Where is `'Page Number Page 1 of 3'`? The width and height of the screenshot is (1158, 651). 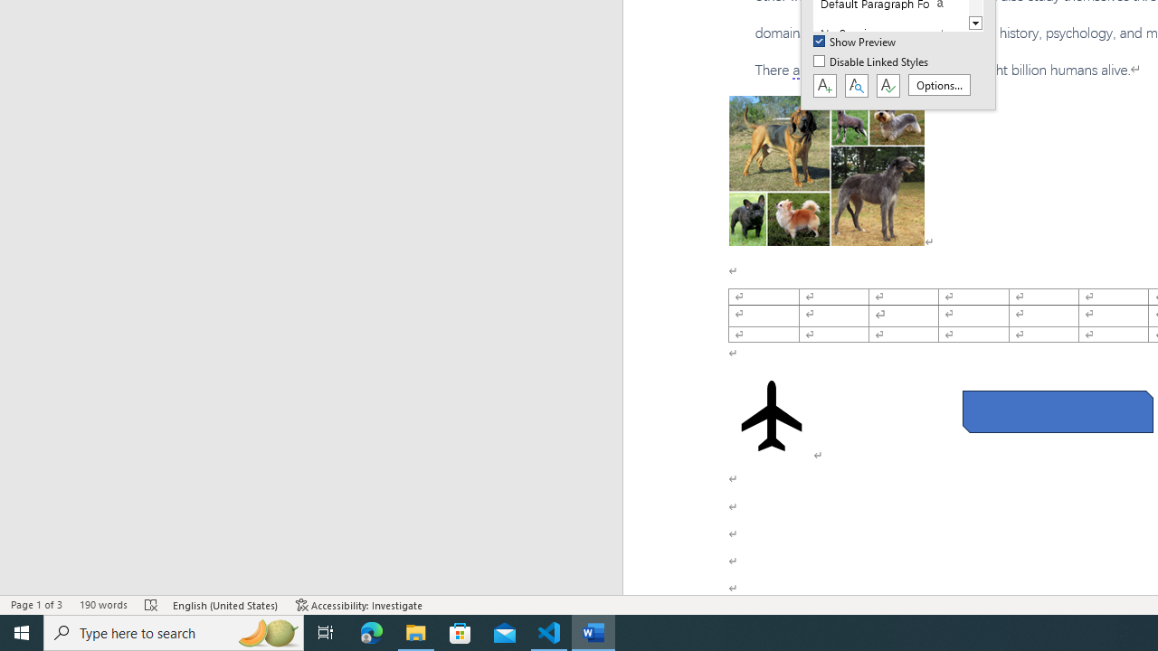 'Page Number Page 1 of 3' is located at coordinates (36, 605).